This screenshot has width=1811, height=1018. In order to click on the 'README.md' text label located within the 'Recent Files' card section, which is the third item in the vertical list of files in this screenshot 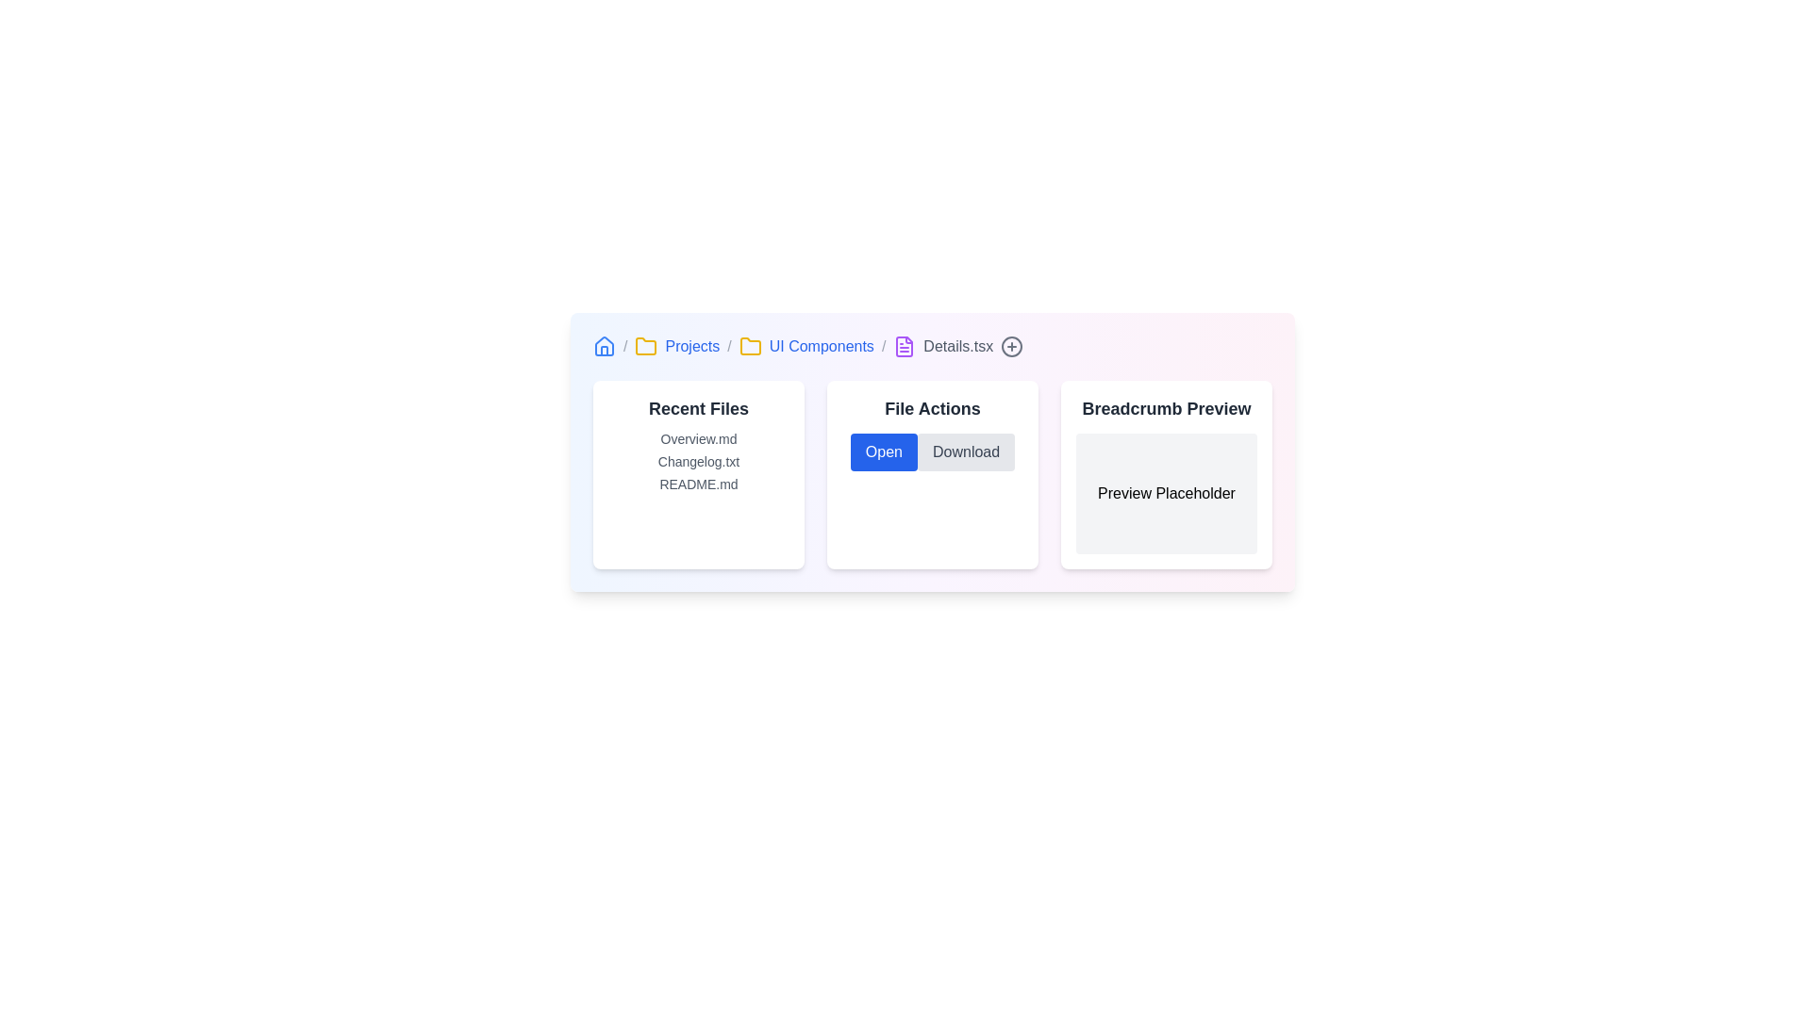, I will do `click(697, 483)`.